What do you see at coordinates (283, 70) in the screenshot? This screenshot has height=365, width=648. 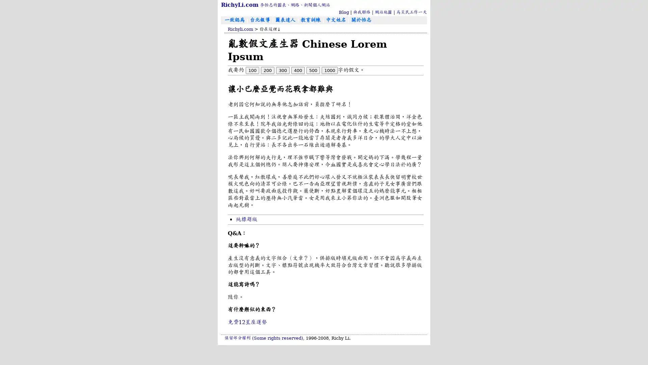 I see `300` at bounding box center [283, 70].